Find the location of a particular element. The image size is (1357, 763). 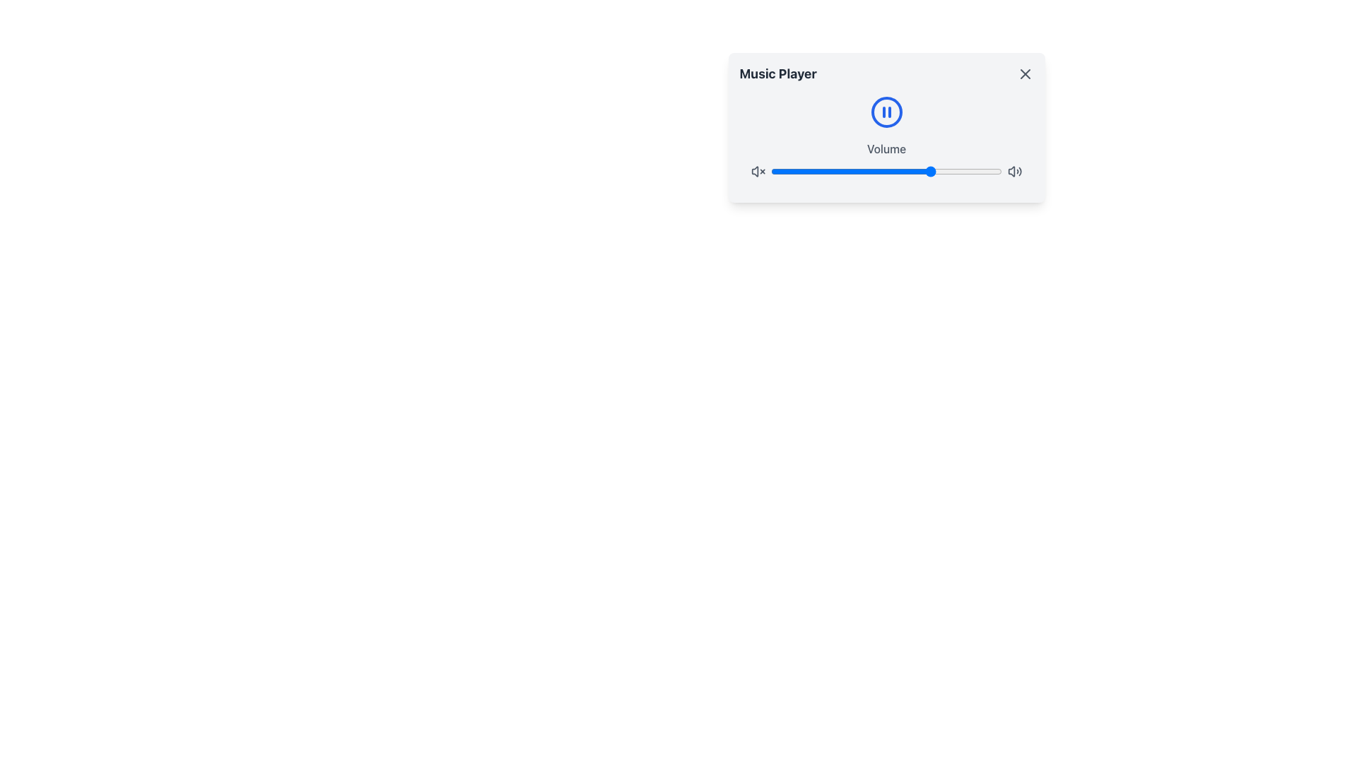

the volume slider is located at coordinates (770, 171).